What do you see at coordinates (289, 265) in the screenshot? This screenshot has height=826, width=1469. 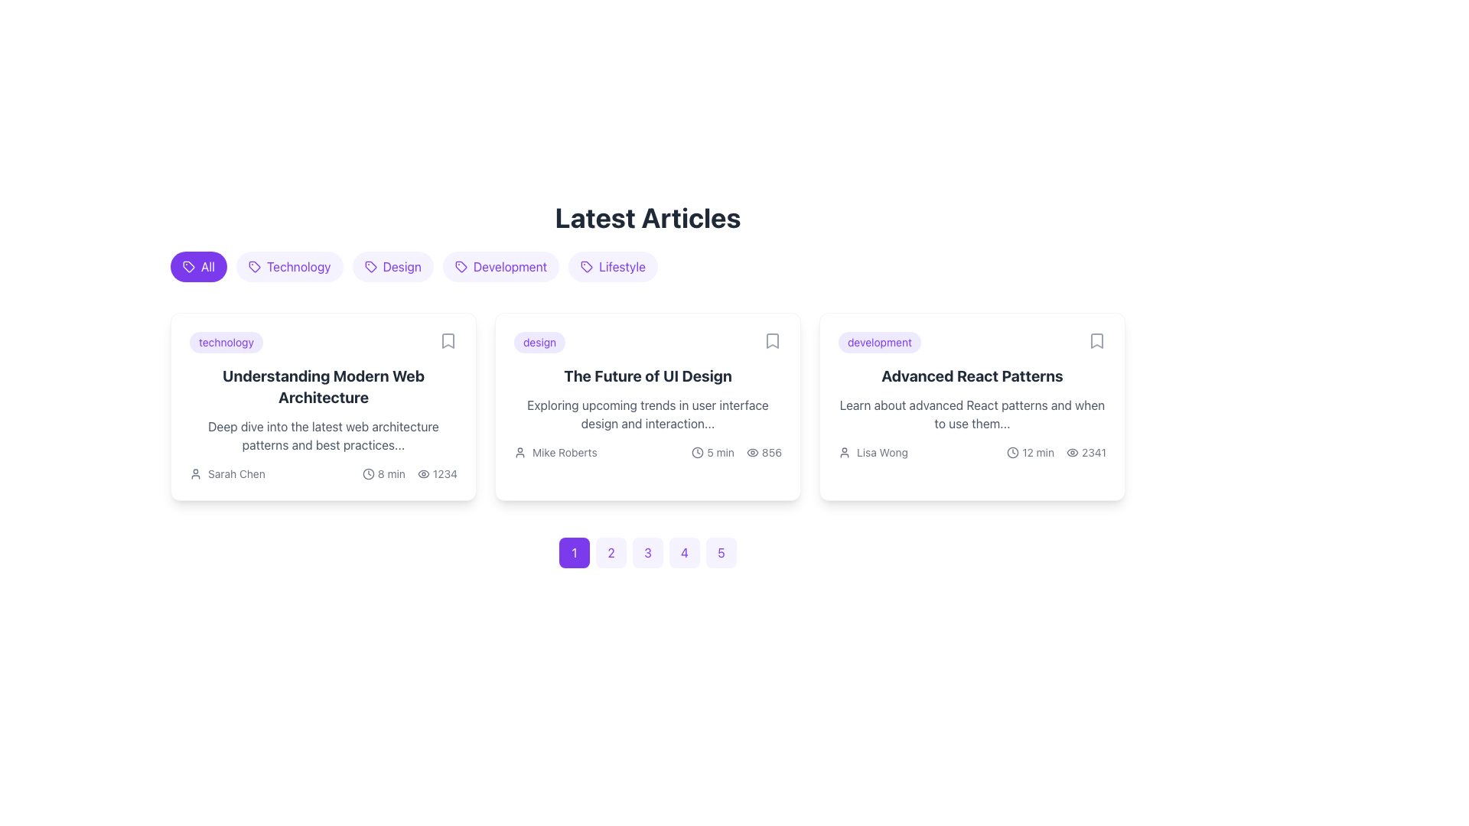 I see `the 'Technology' filter button, which is a purple textual label with rounded edges and a tag icon on its left side, located between the 'All' and 'Design' buttons` at bounding box center [289, 265].